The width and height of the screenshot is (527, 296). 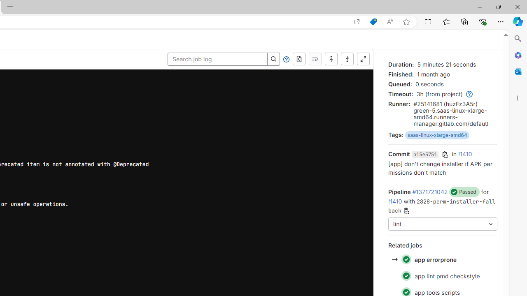 I want to click on 'Show full screen', so click(x=363, y=59).